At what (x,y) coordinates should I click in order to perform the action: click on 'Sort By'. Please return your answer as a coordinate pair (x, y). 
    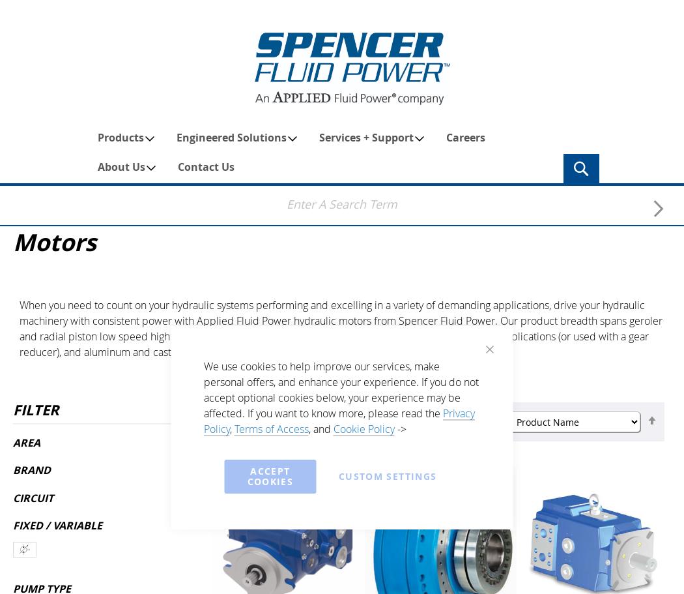
    Looking at the image, I should click on (483, 421).